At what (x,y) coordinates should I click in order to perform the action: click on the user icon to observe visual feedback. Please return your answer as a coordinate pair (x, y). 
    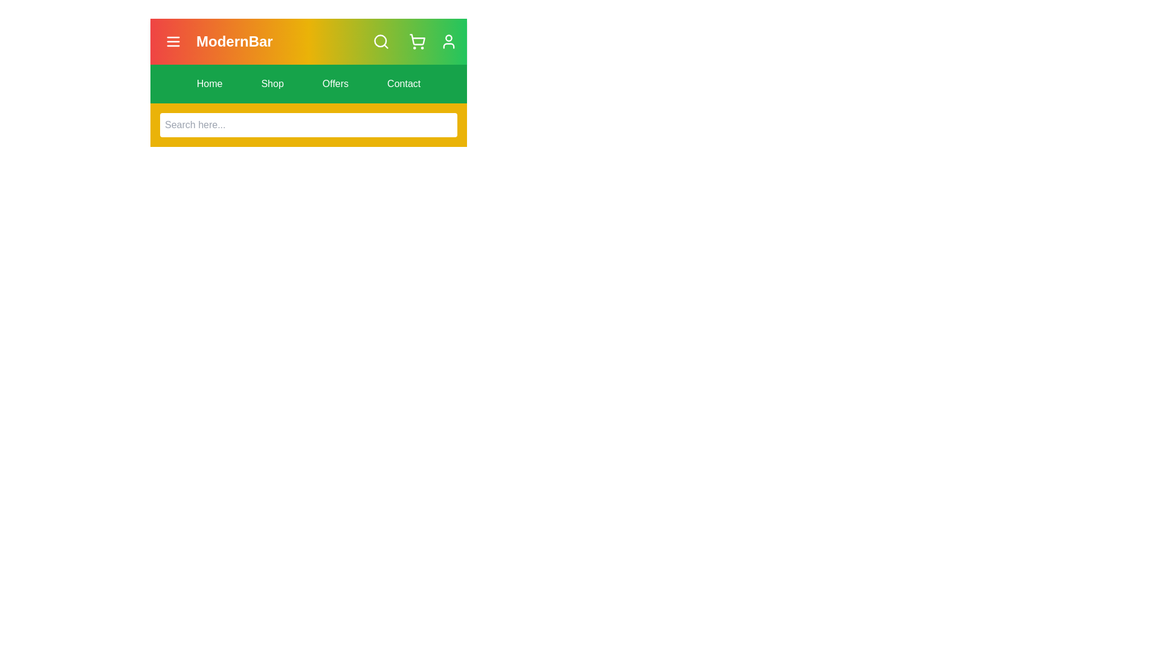
    Looking at the image, I should click on (448, 41).